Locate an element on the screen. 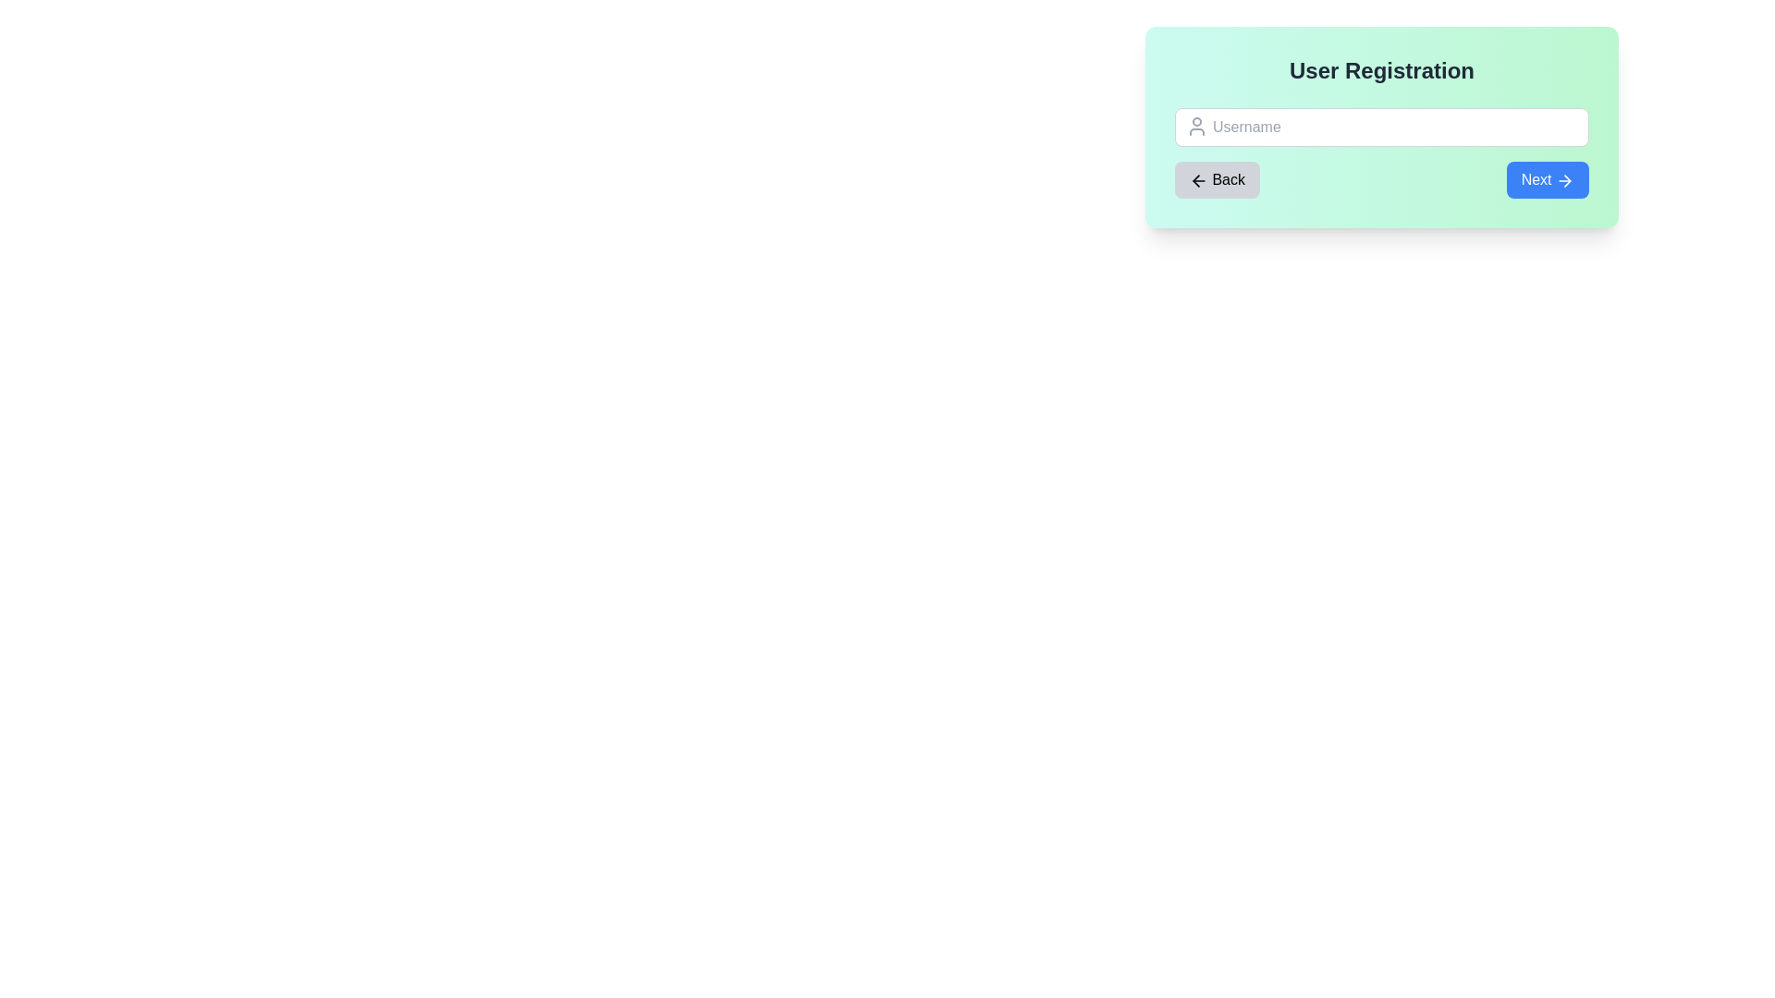  the rightmost button in the 'User Registration' section to proceed to the next step is located at coordinates (1548, 180).